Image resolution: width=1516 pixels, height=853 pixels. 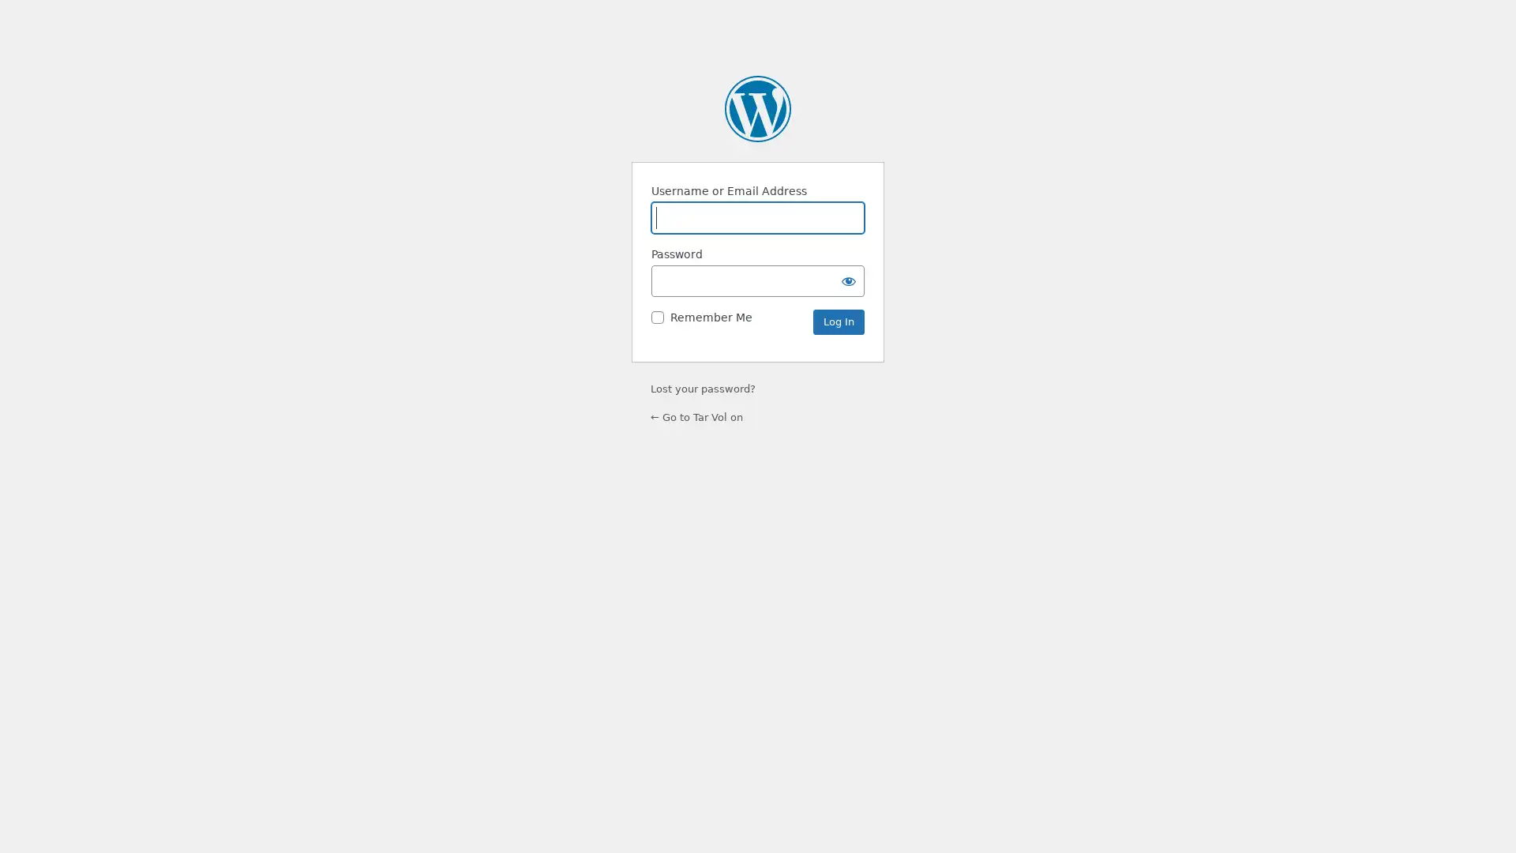 What do you see at coordinates (848, 280) in the screenshot?
I see `Show password` at bounding box center [848, 280].